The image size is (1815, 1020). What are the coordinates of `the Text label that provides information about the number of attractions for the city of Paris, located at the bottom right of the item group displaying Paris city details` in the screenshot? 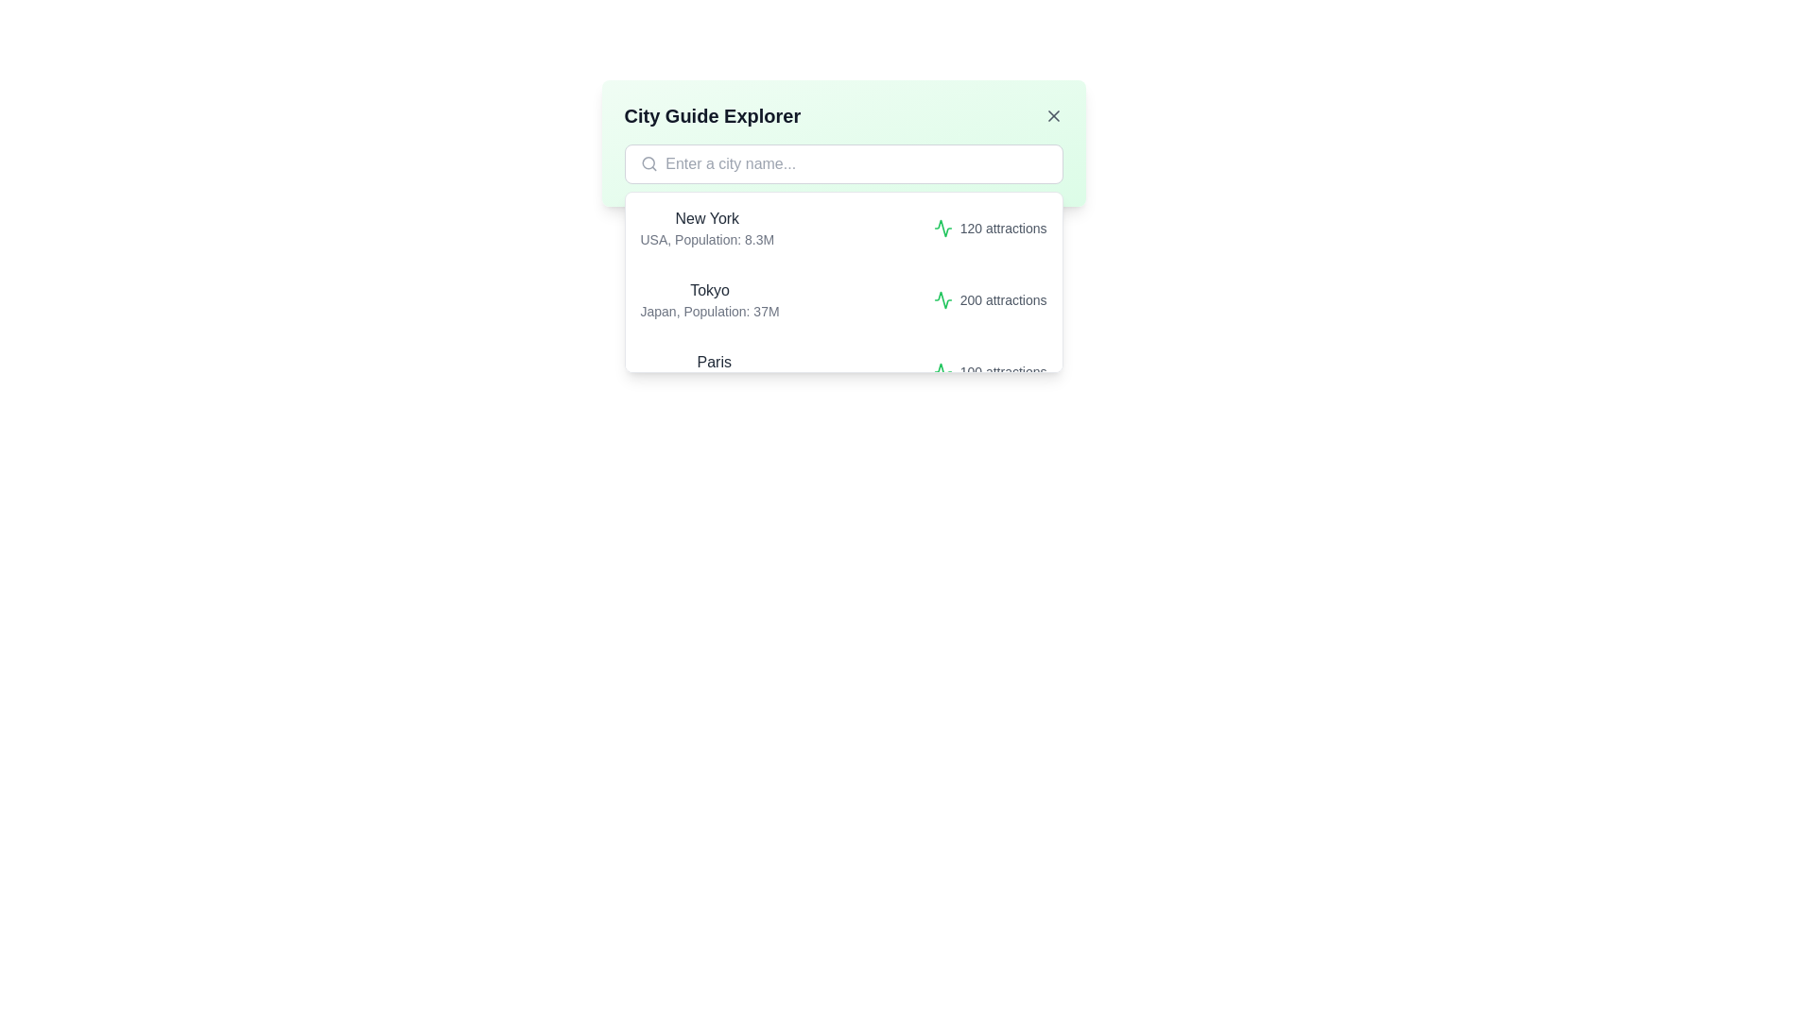 It's located at (989, 371).